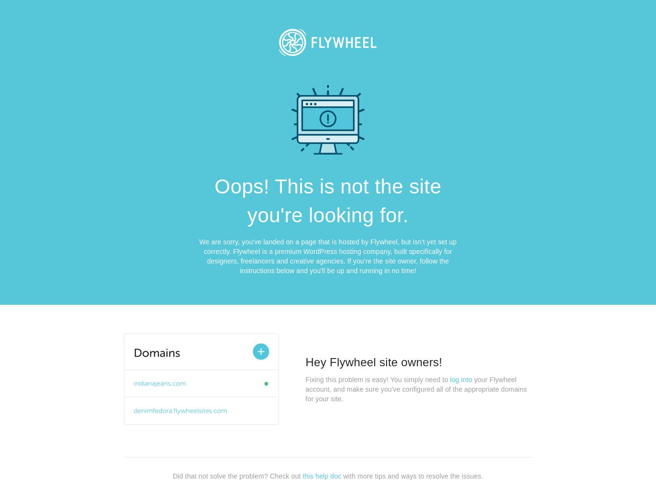 This screenshot has width=656, height=480. I want to click on 'Fixing this problem is easy! You simply need to', so click(305, 380).